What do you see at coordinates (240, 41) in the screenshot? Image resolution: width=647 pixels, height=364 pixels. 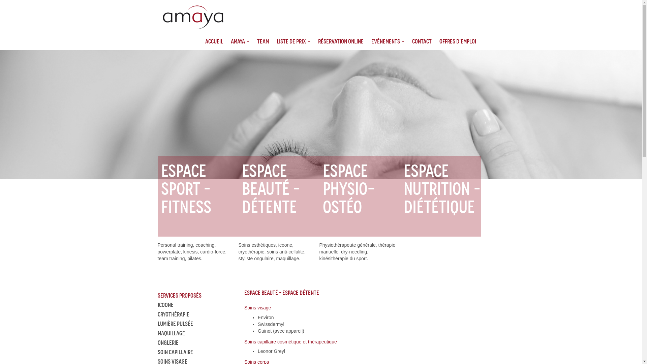 I see `'AMAYA'` at bounding box center [240, 41].